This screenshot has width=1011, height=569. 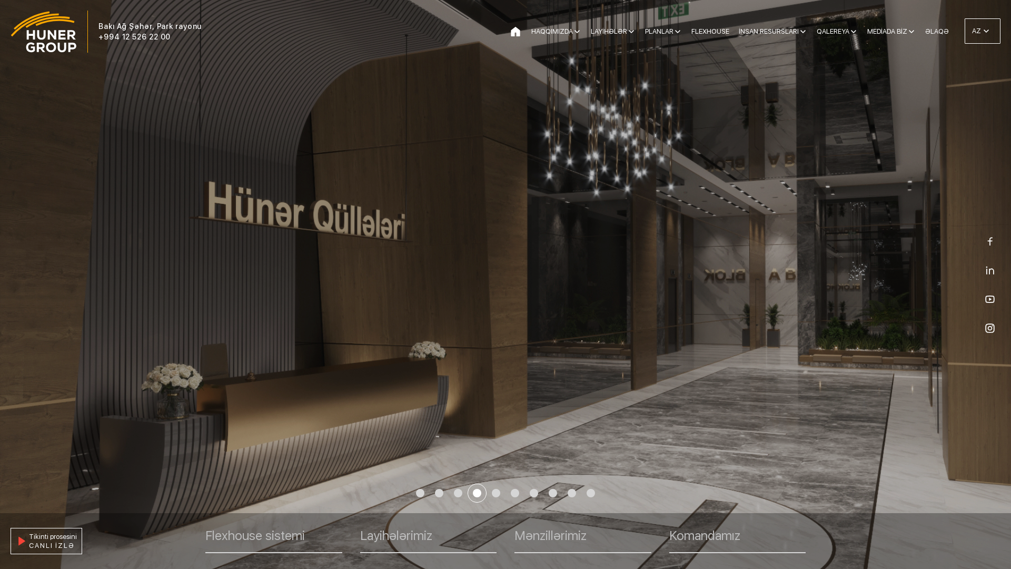 What do you see at coordinates (691, 31) in the screenshot?
I see `'FLEXHOUSE'` at bounding box center [691, 31].